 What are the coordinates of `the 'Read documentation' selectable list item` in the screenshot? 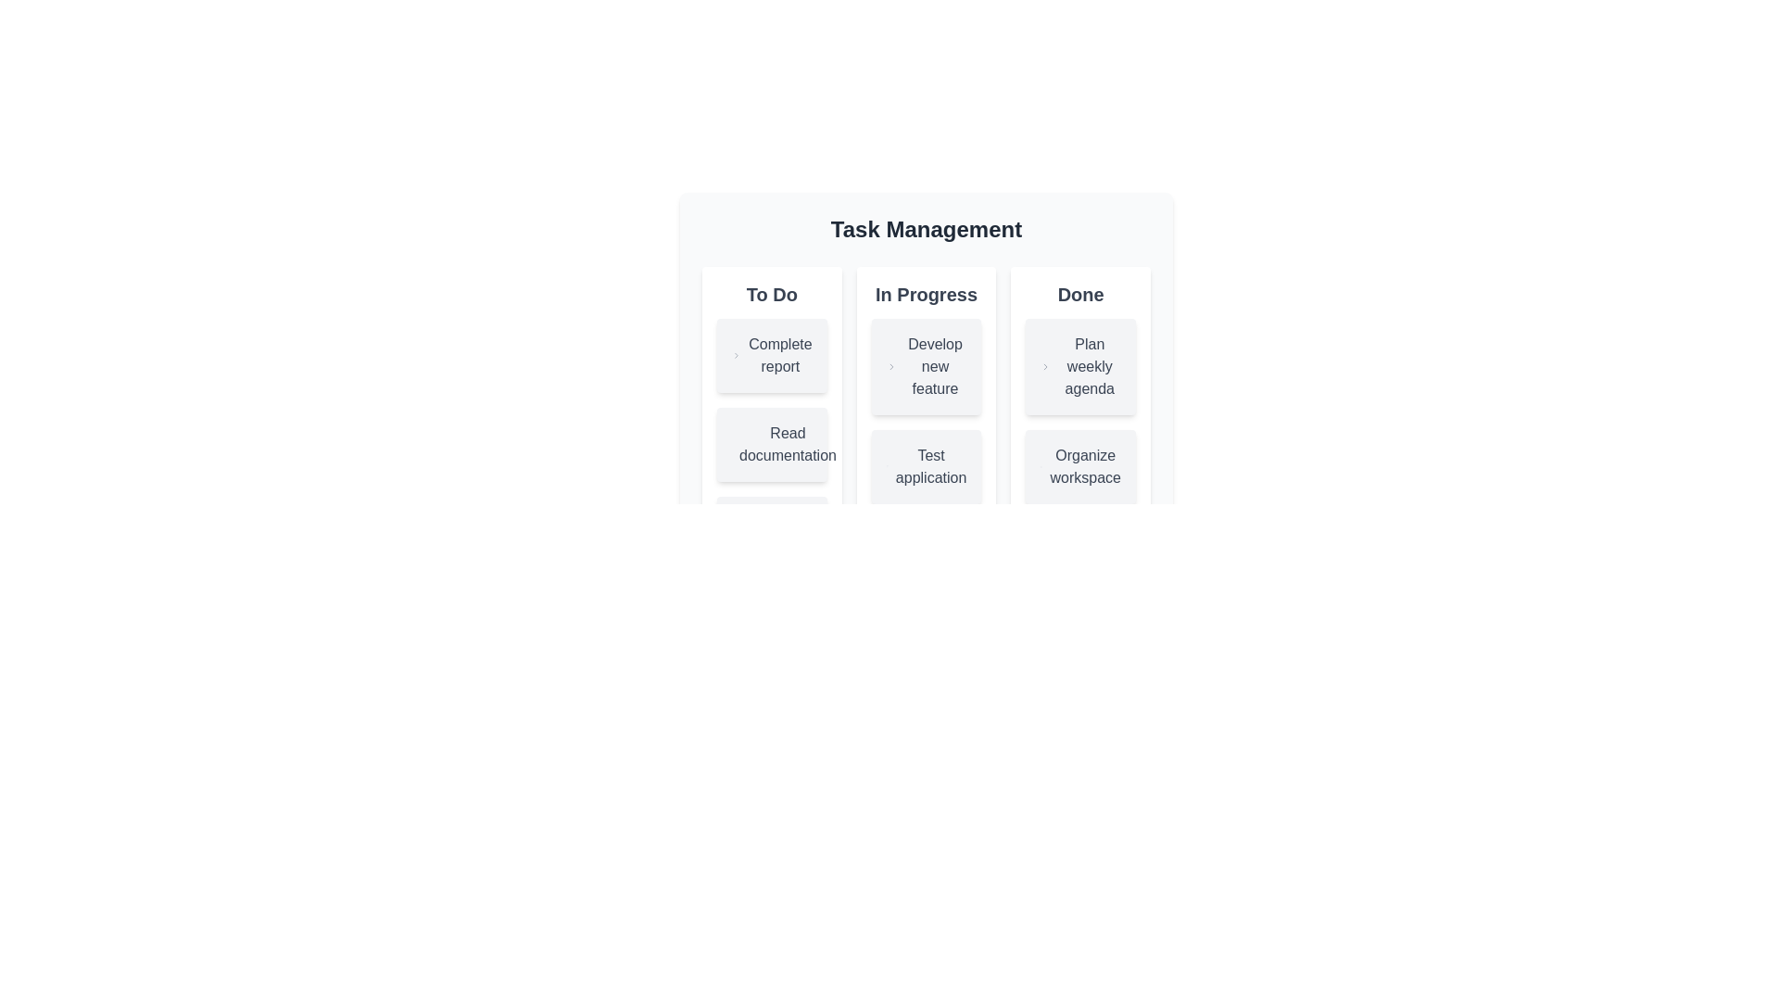 It's located at (772, 444).